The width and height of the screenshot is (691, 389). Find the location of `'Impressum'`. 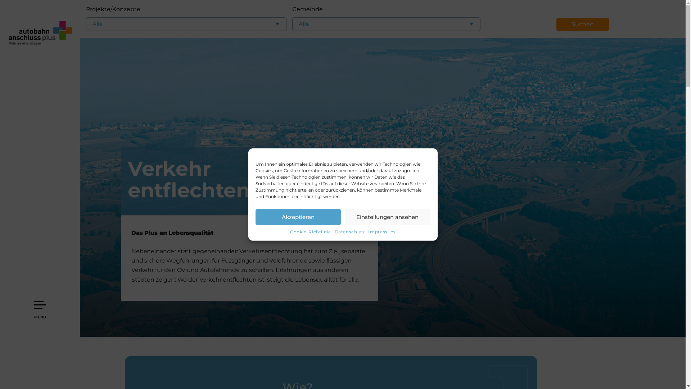

'Impressum' is located at coordinates (381, 232).